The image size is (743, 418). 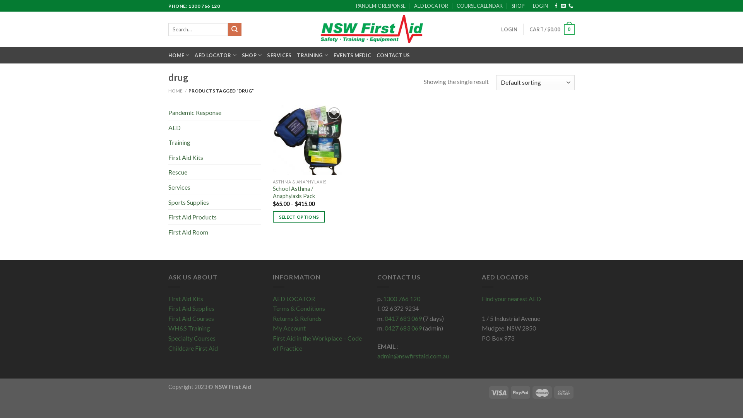 I want to click on 'Follow on Facebook', so click(x=555, y=6).